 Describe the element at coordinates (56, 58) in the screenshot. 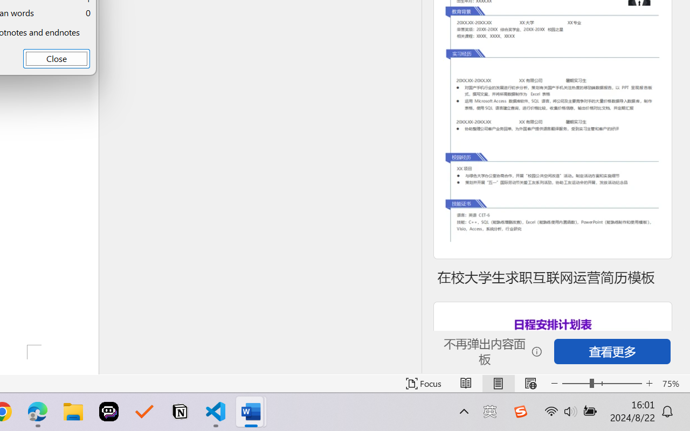

I see `'Close'` at that location.